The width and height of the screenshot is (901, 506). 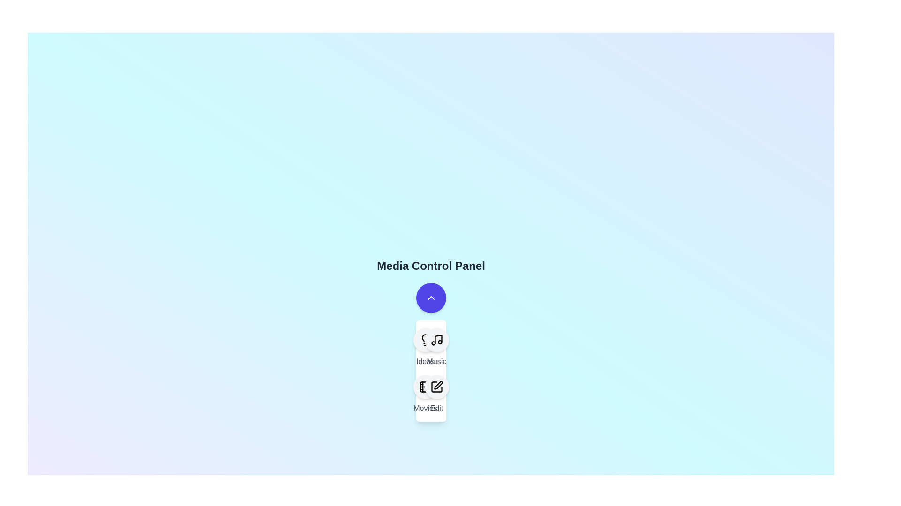 I want to click on the menu item labeled Movies, so click(x=425, y=394).